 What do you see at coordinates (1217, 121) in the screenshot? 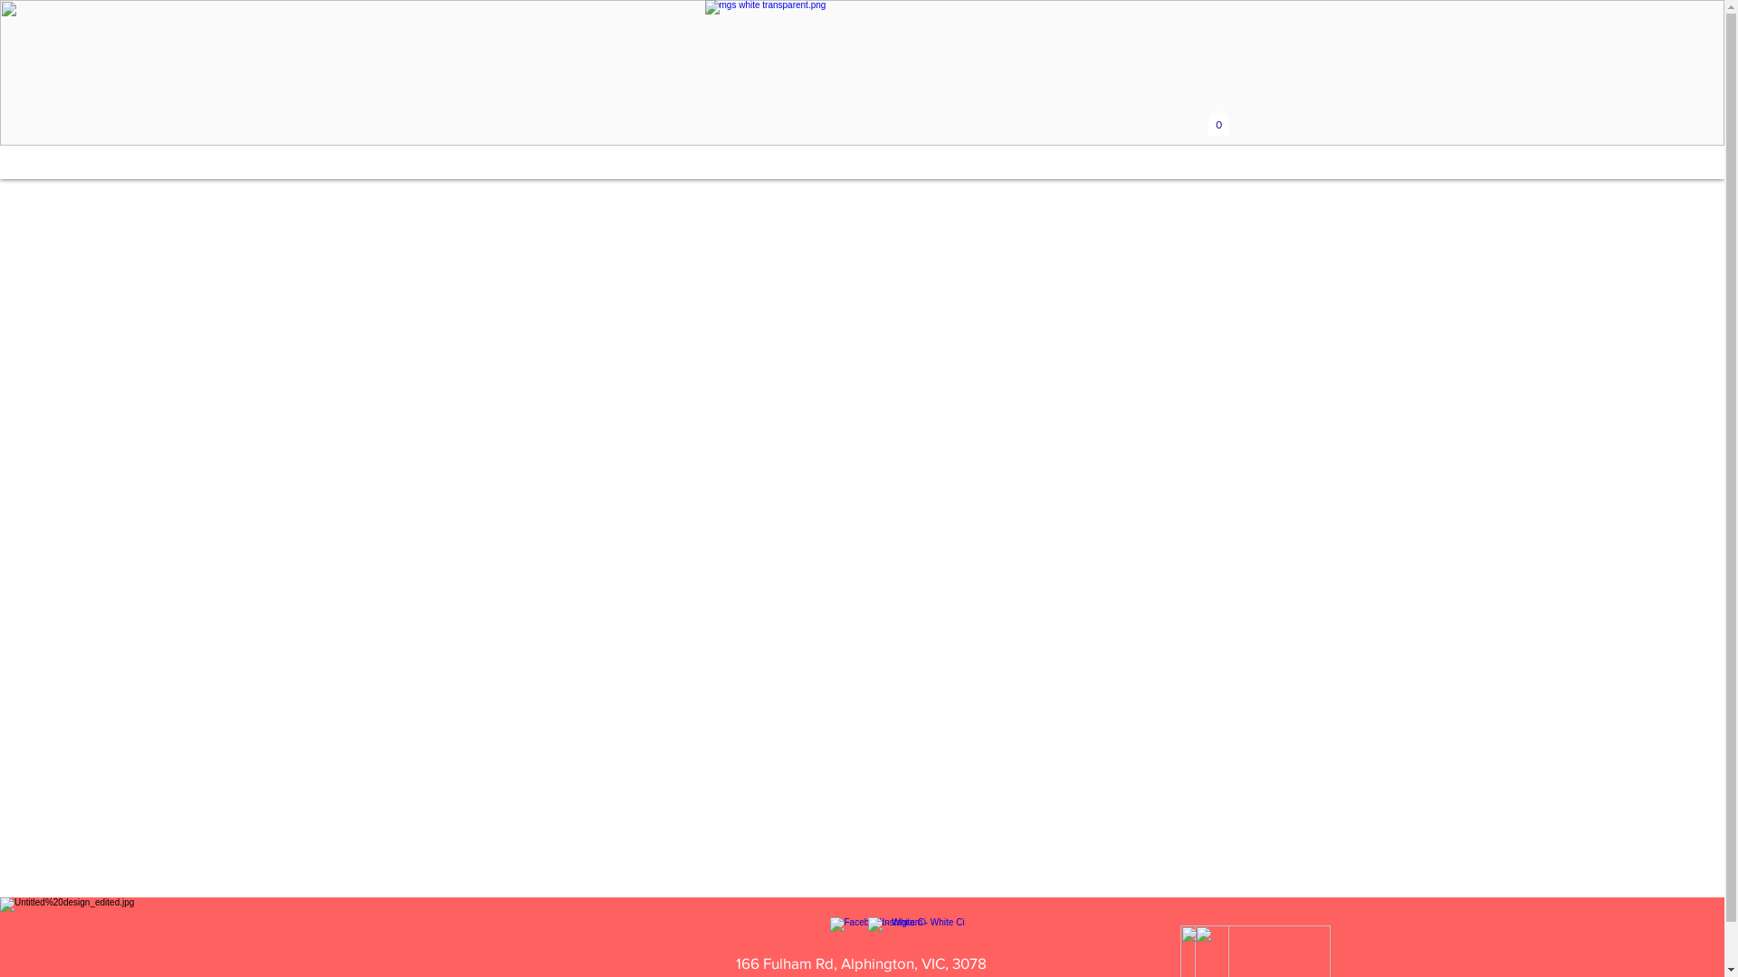
I see `'0'` at bounding box center [1217, 121].